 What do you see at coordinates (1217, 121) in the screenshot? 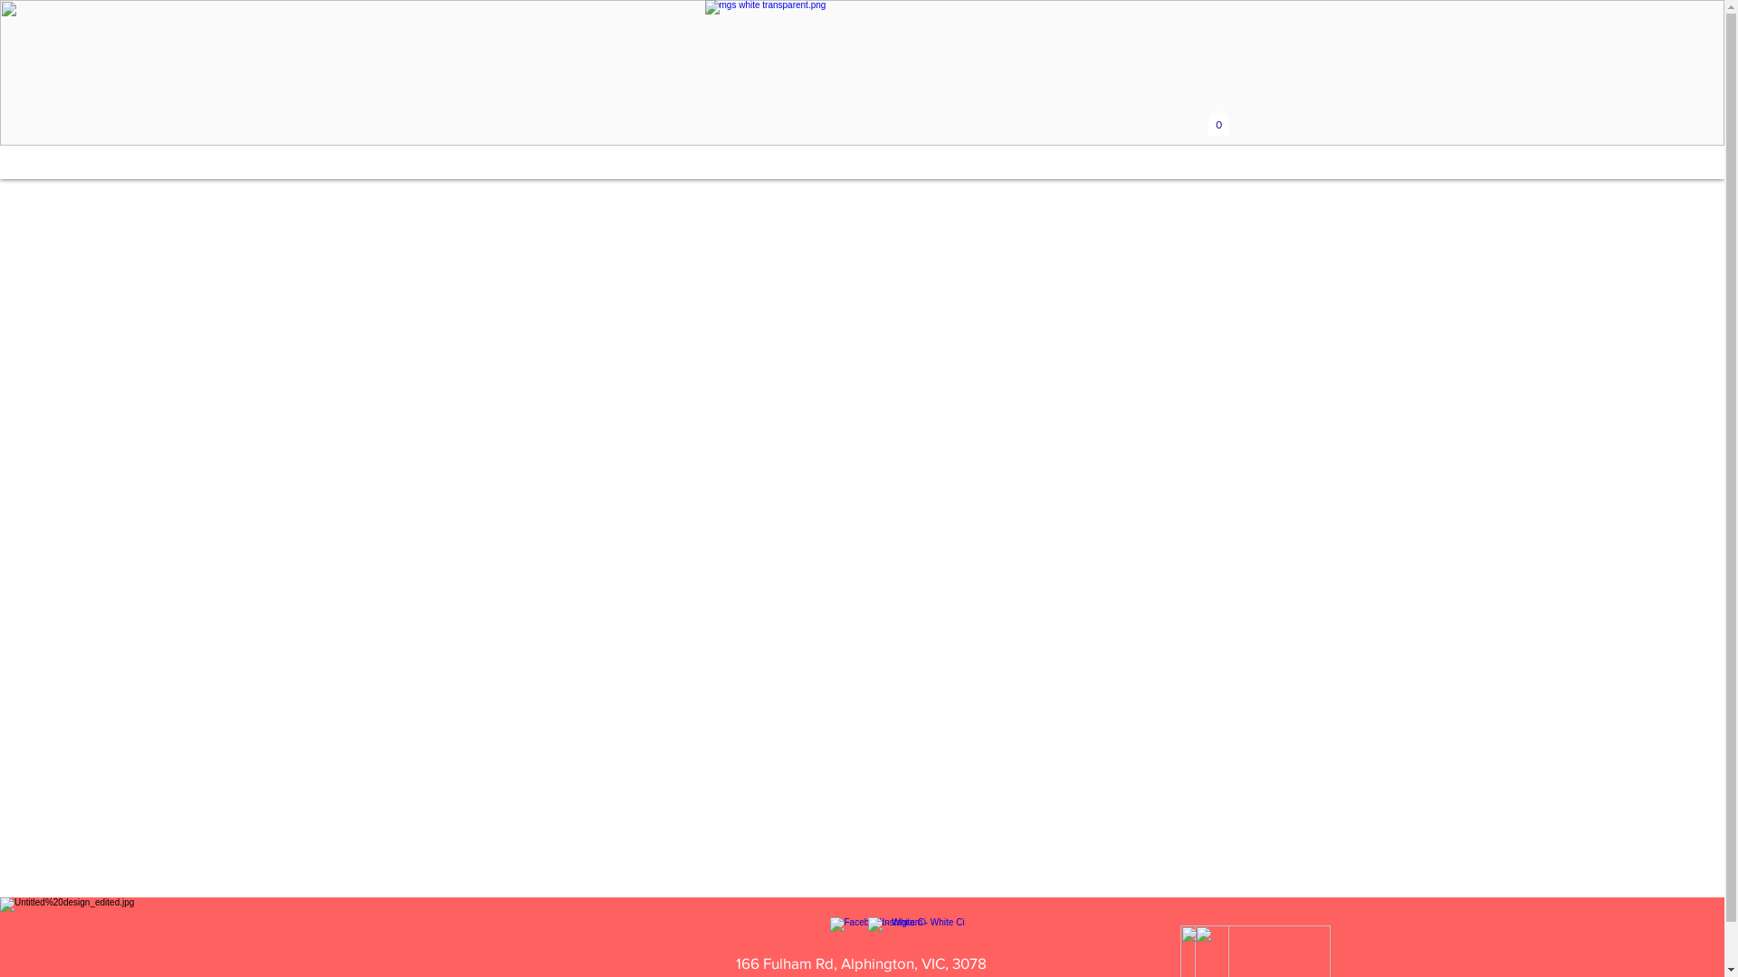
I see `'0'` at bounding box center [1217, 121].